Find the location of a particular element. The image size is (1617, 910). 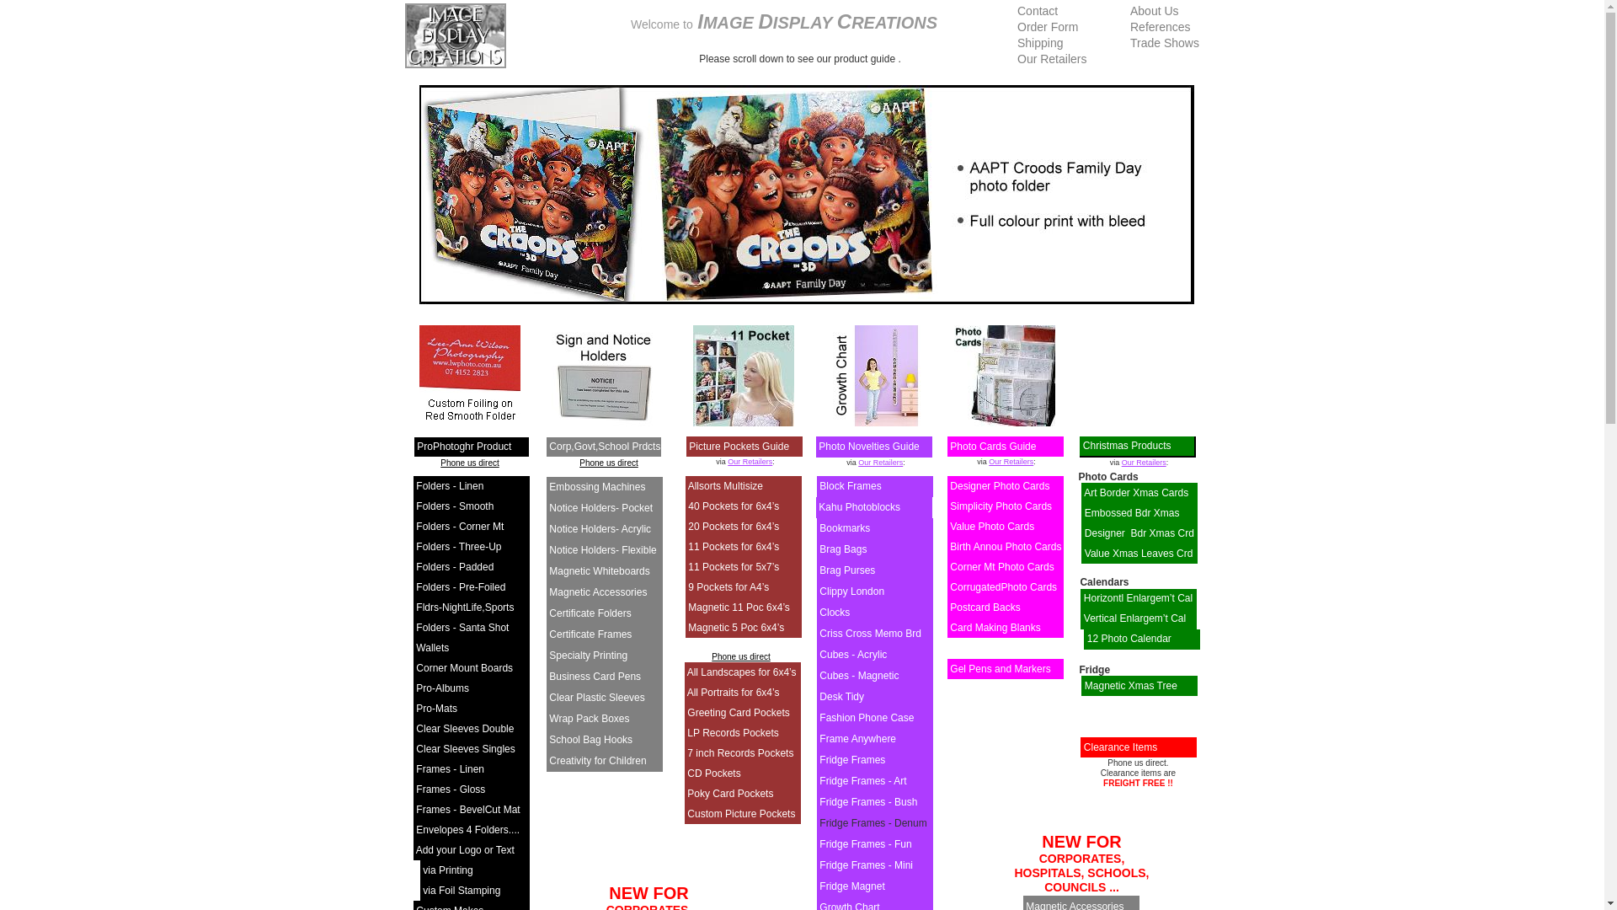

'LP Records Pockets' is located at coordinates (733, 732).